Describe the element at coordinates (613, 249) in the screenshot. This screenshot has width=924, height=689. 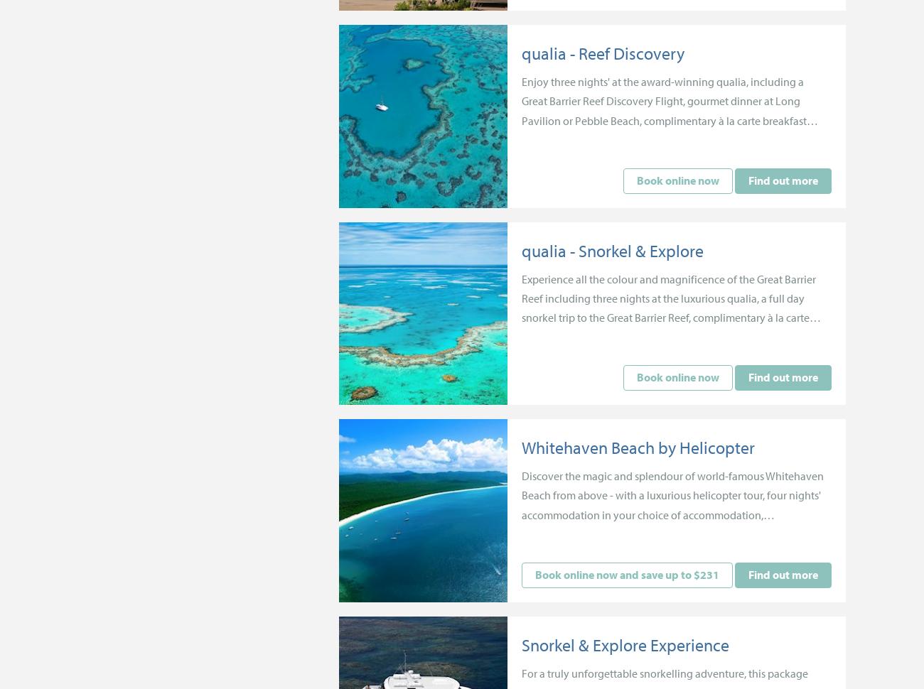
I see `'qualia - Snorkel & Explore'` at that location.